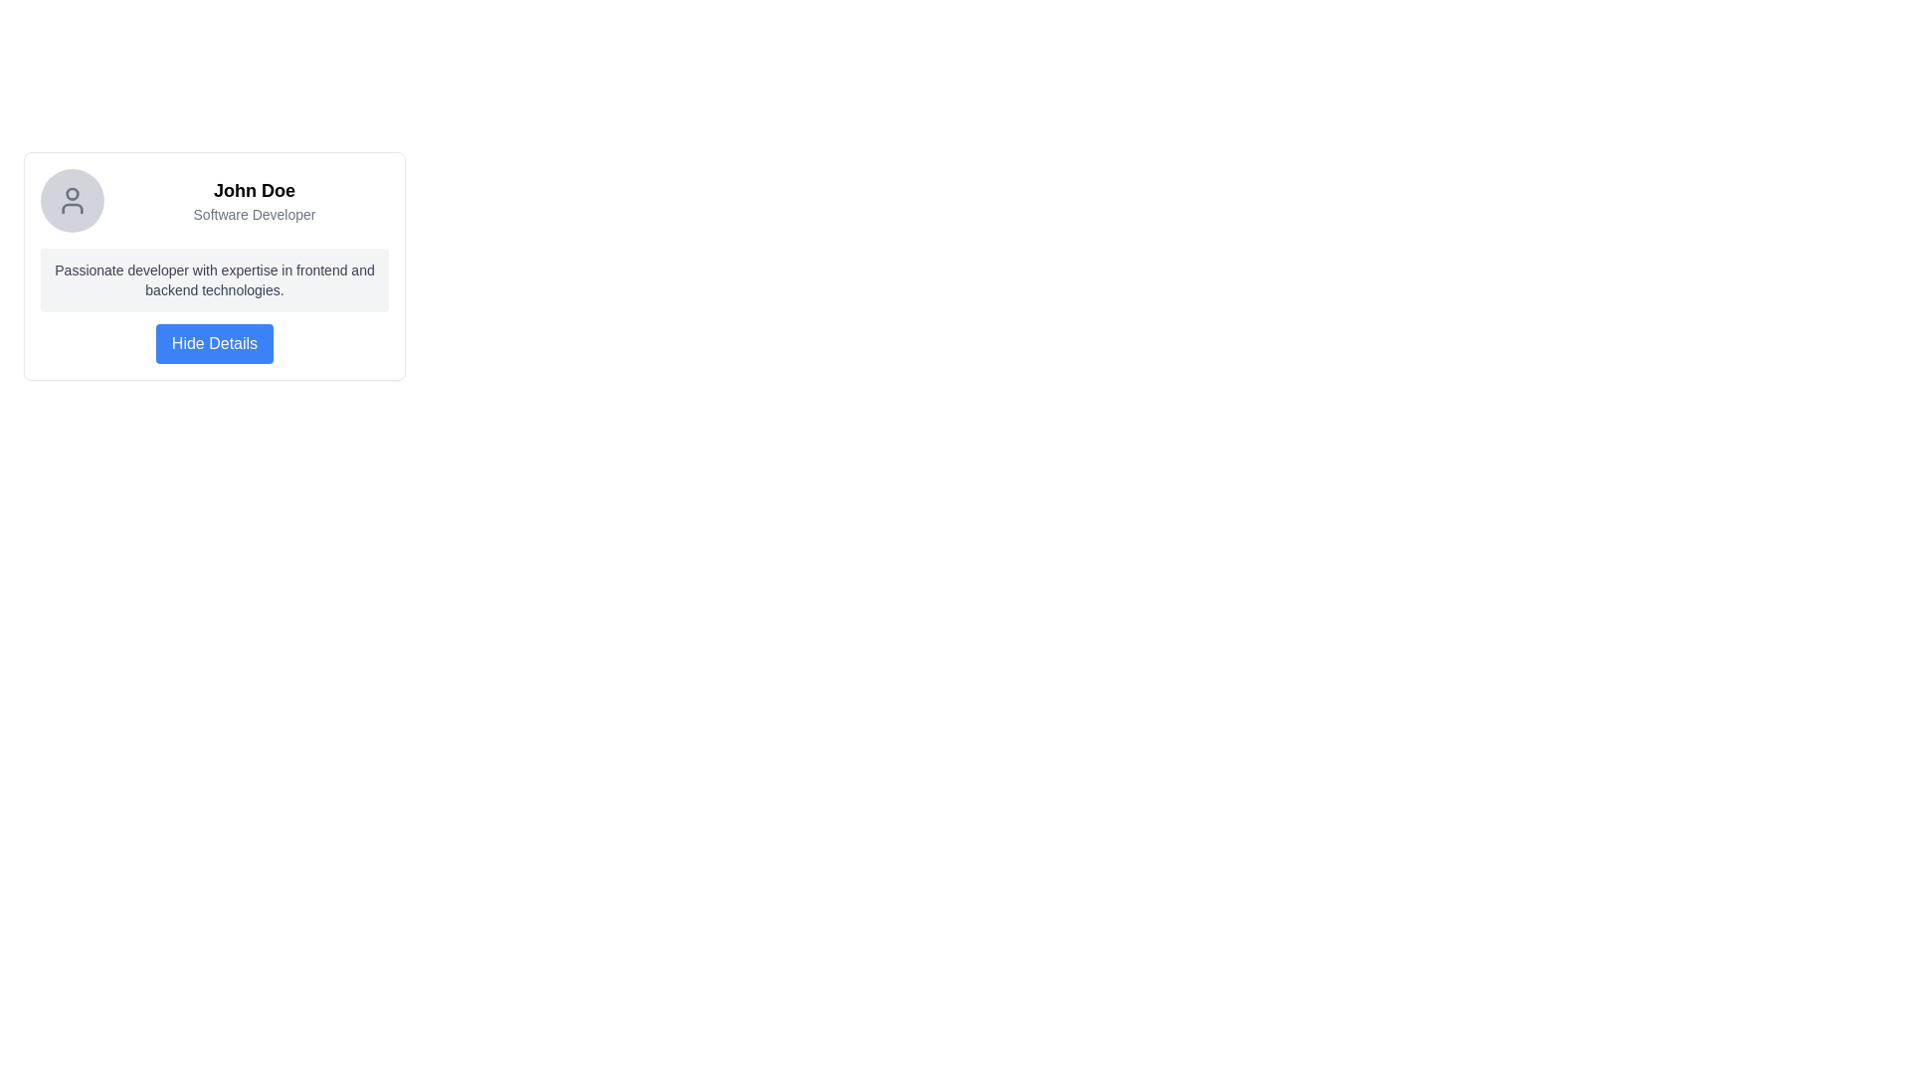 The image size is (1910, 1074). I want to click on the user profile avatar icon, which is a circular icon with a gray background and a user silhouette, located to the left of the text 'John Doe', so click(72, 200).